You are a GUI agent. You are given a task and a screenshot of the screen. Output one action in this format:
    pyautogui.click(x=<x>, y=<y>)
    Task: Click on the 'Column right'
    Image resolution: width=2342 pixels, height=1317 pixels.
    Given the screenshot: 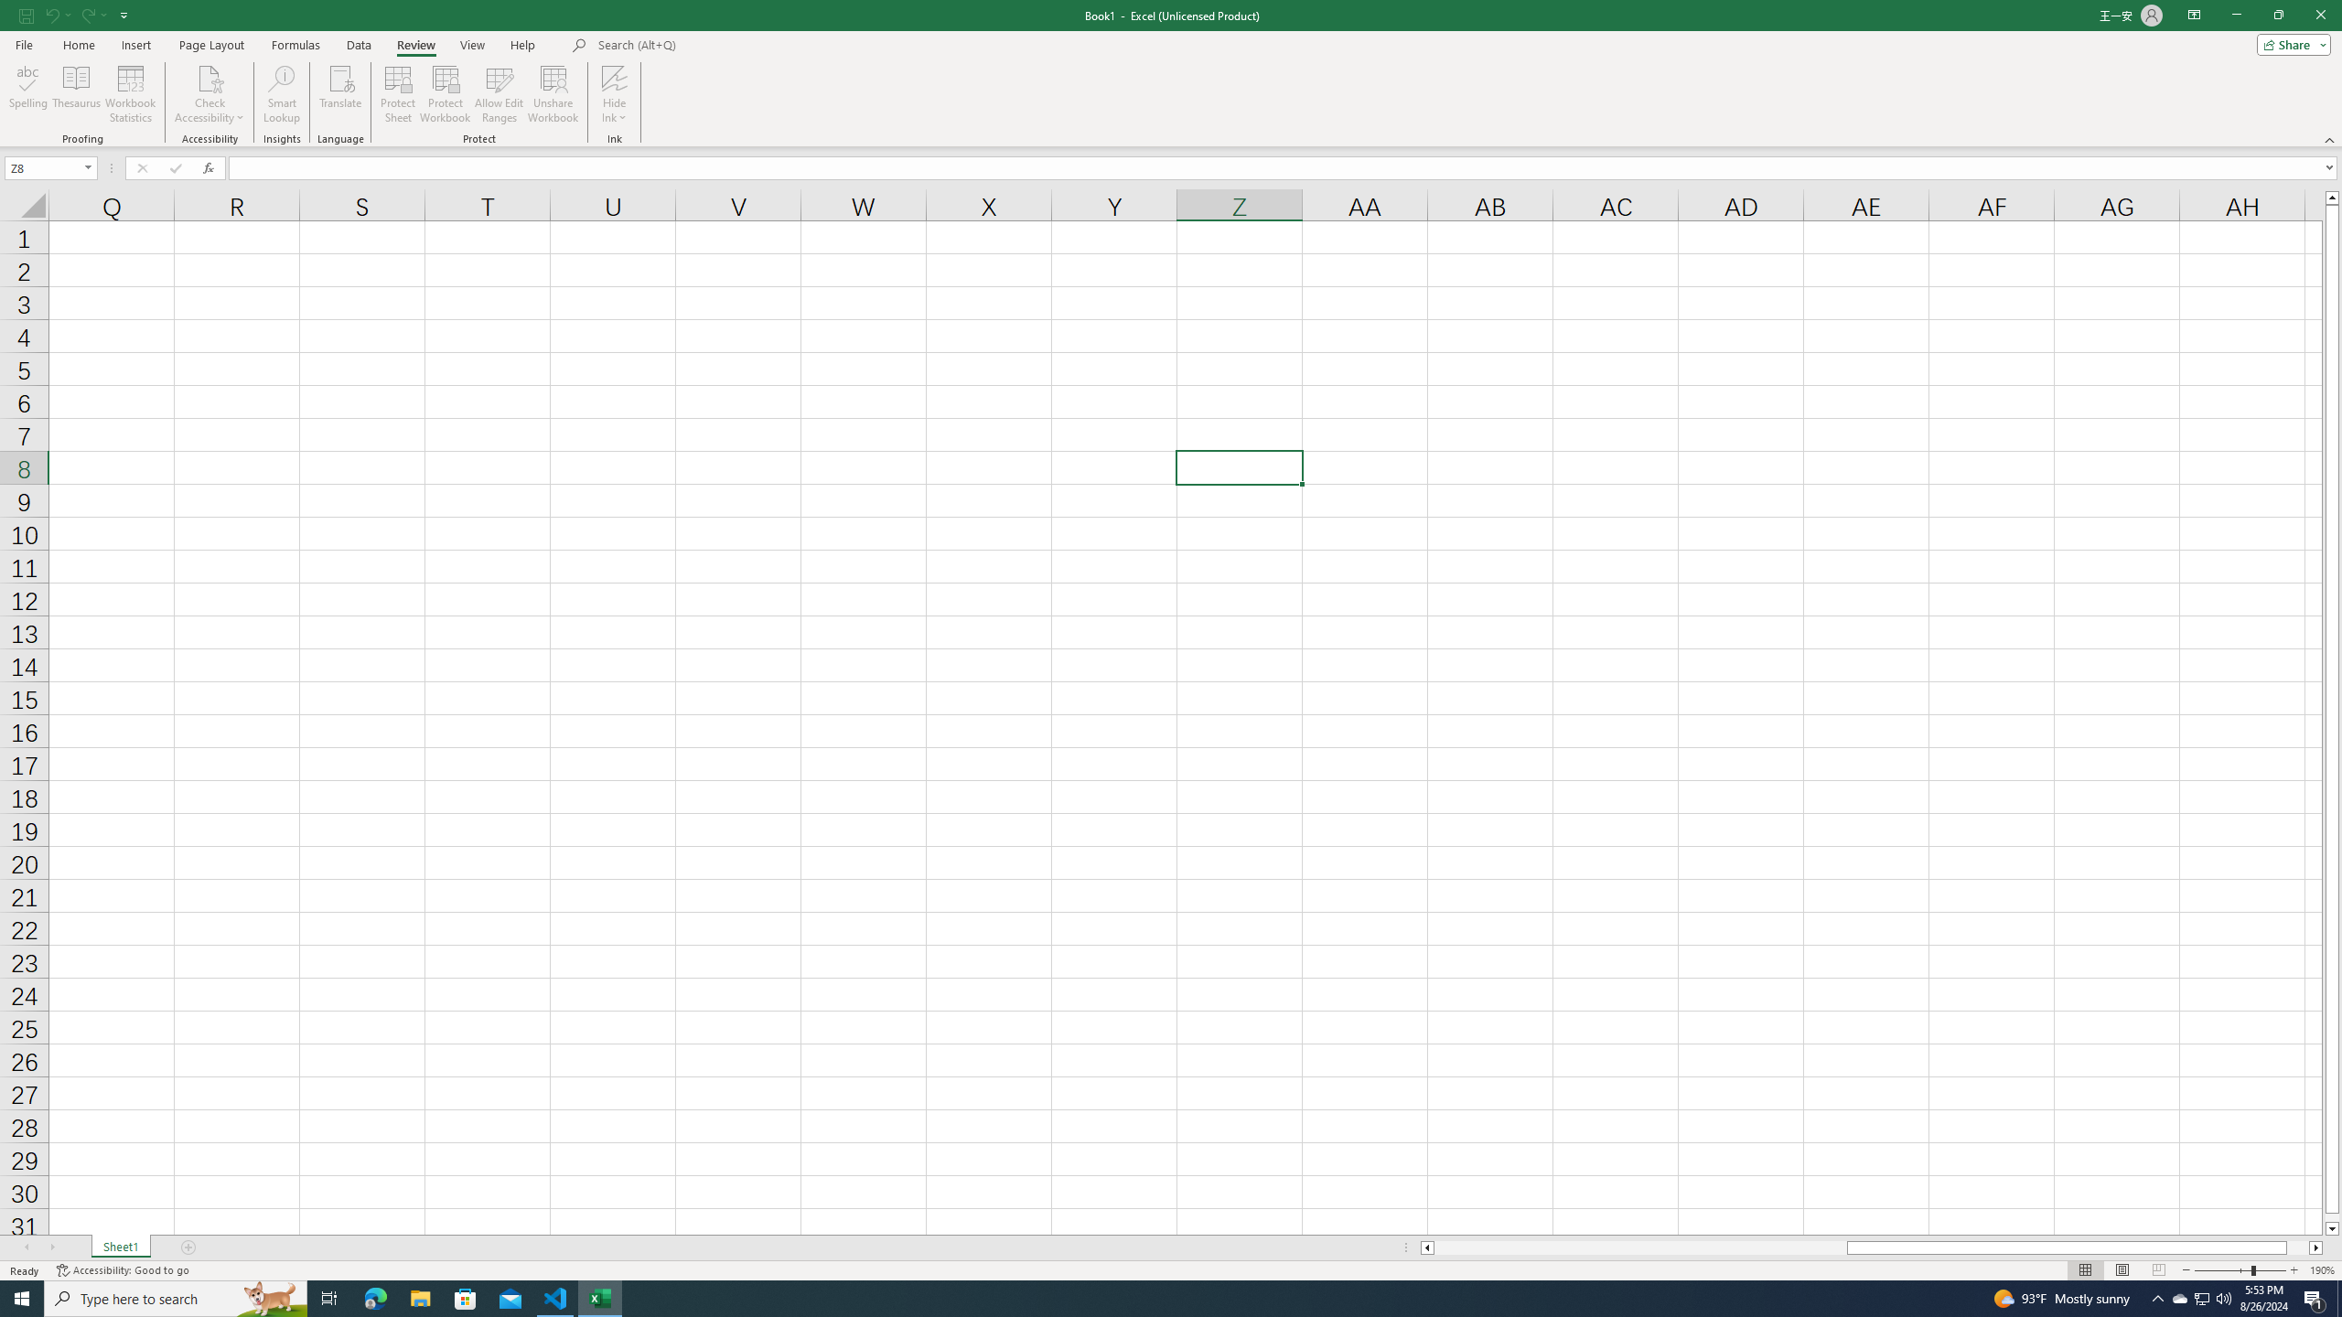 What is the action you would take?
    pyautogui.click(x=2316, y=1247)
    